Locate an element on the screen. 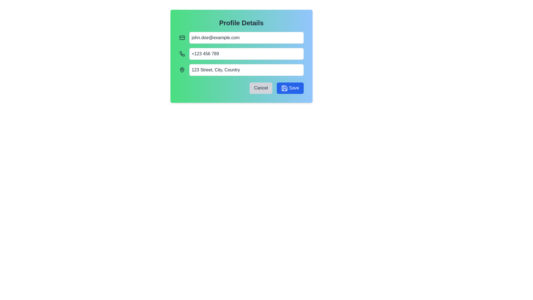  the 'Save' button located at the bottom-right corner of the 'Profile Details' form to observe its hover styles is located at coordinates (290, 88).